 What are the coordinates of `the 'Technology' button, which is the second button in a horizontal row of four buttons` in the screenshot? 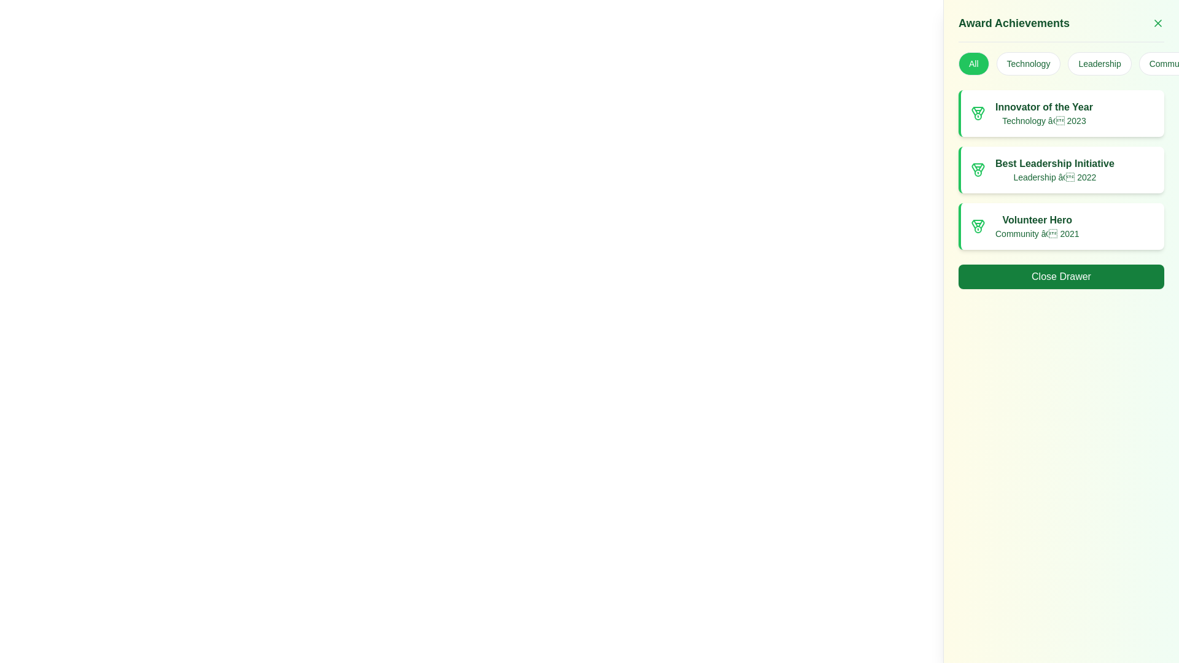 It's located at (1029, 64).